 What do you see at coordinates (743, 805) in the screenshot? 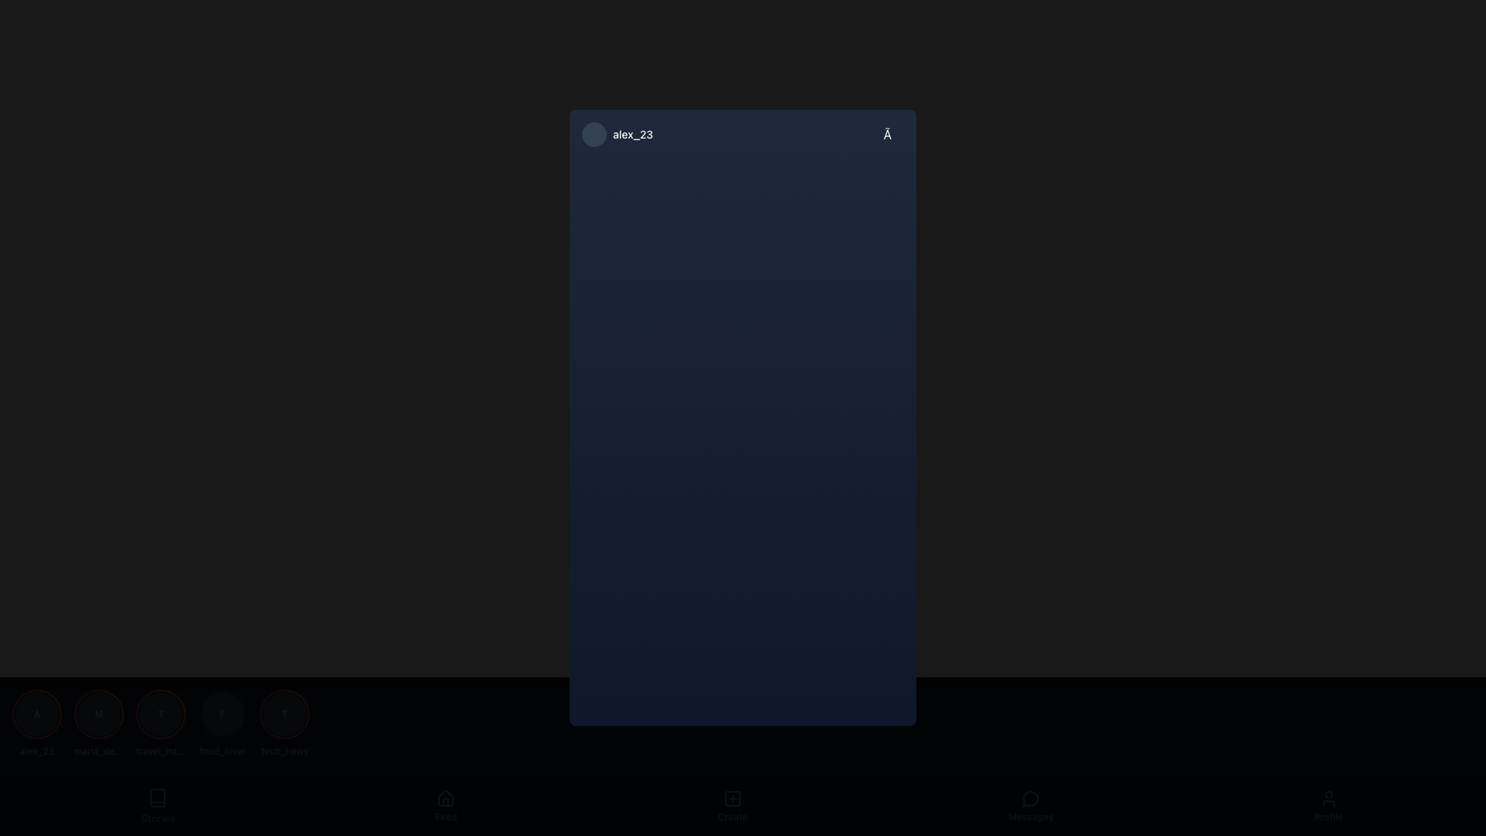
I see `the 'Create' segment in the bottom navigation bar, which is the third segment from the left and is visually distinguished by its larger size and blue color` at bounding box center [743, 805].